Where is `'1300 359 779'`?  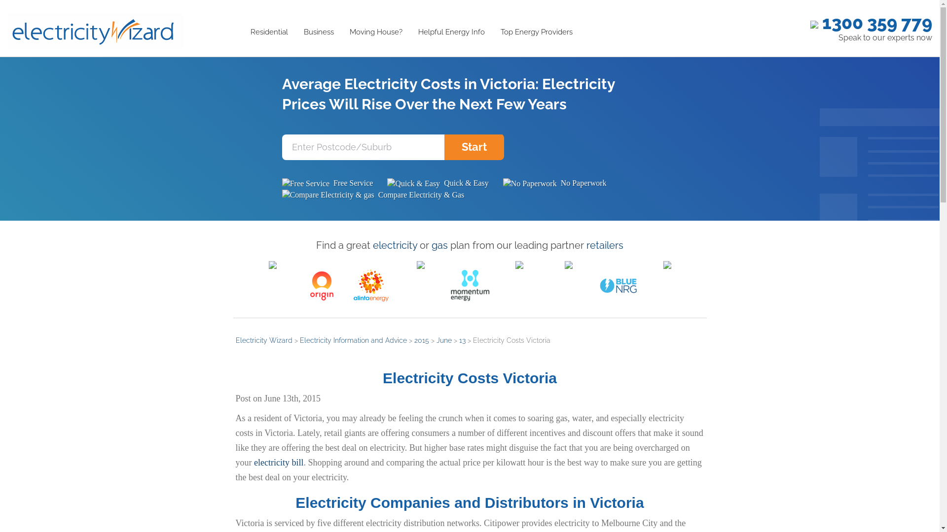
'1300 359 779' is located at coordinates (871, 22).